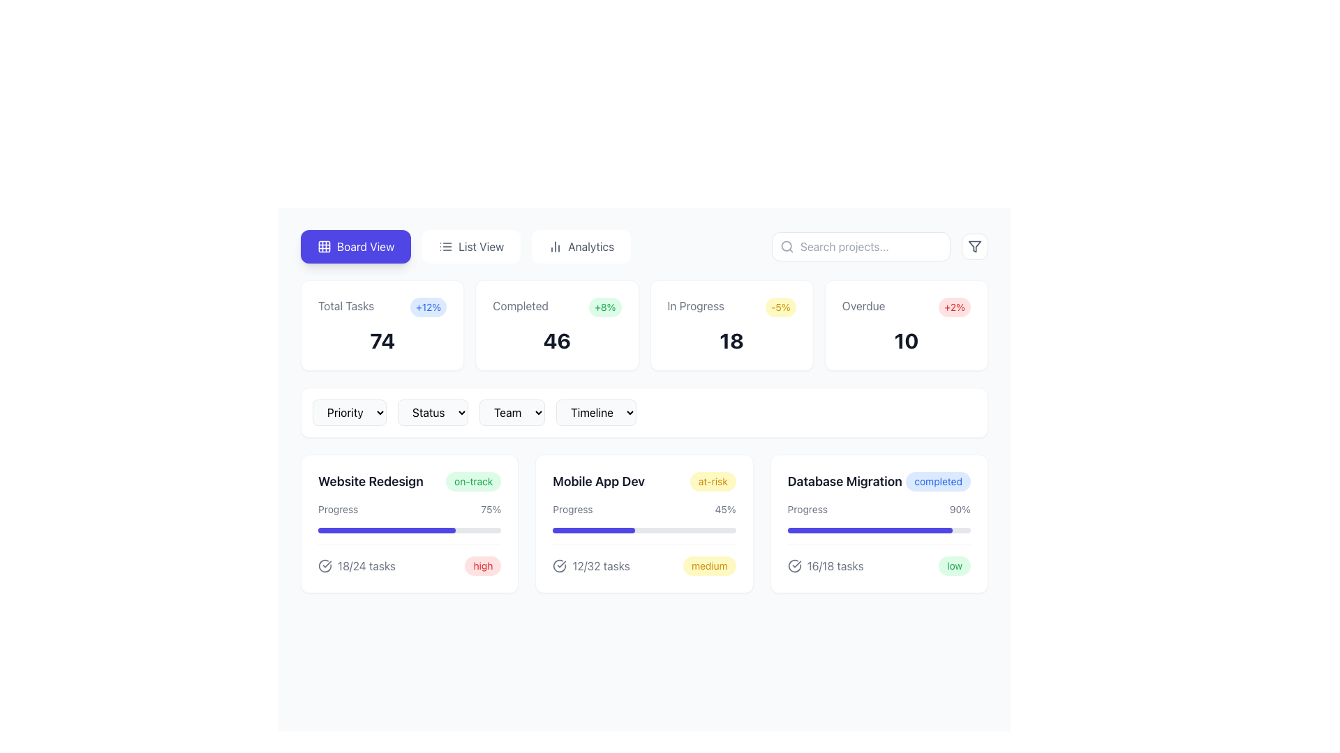 The image size is (1340, 753). I want to click on text content of the project title label located at the center of the interface between 'Website Redesign' and 'Database Migration', so click(599, 480).